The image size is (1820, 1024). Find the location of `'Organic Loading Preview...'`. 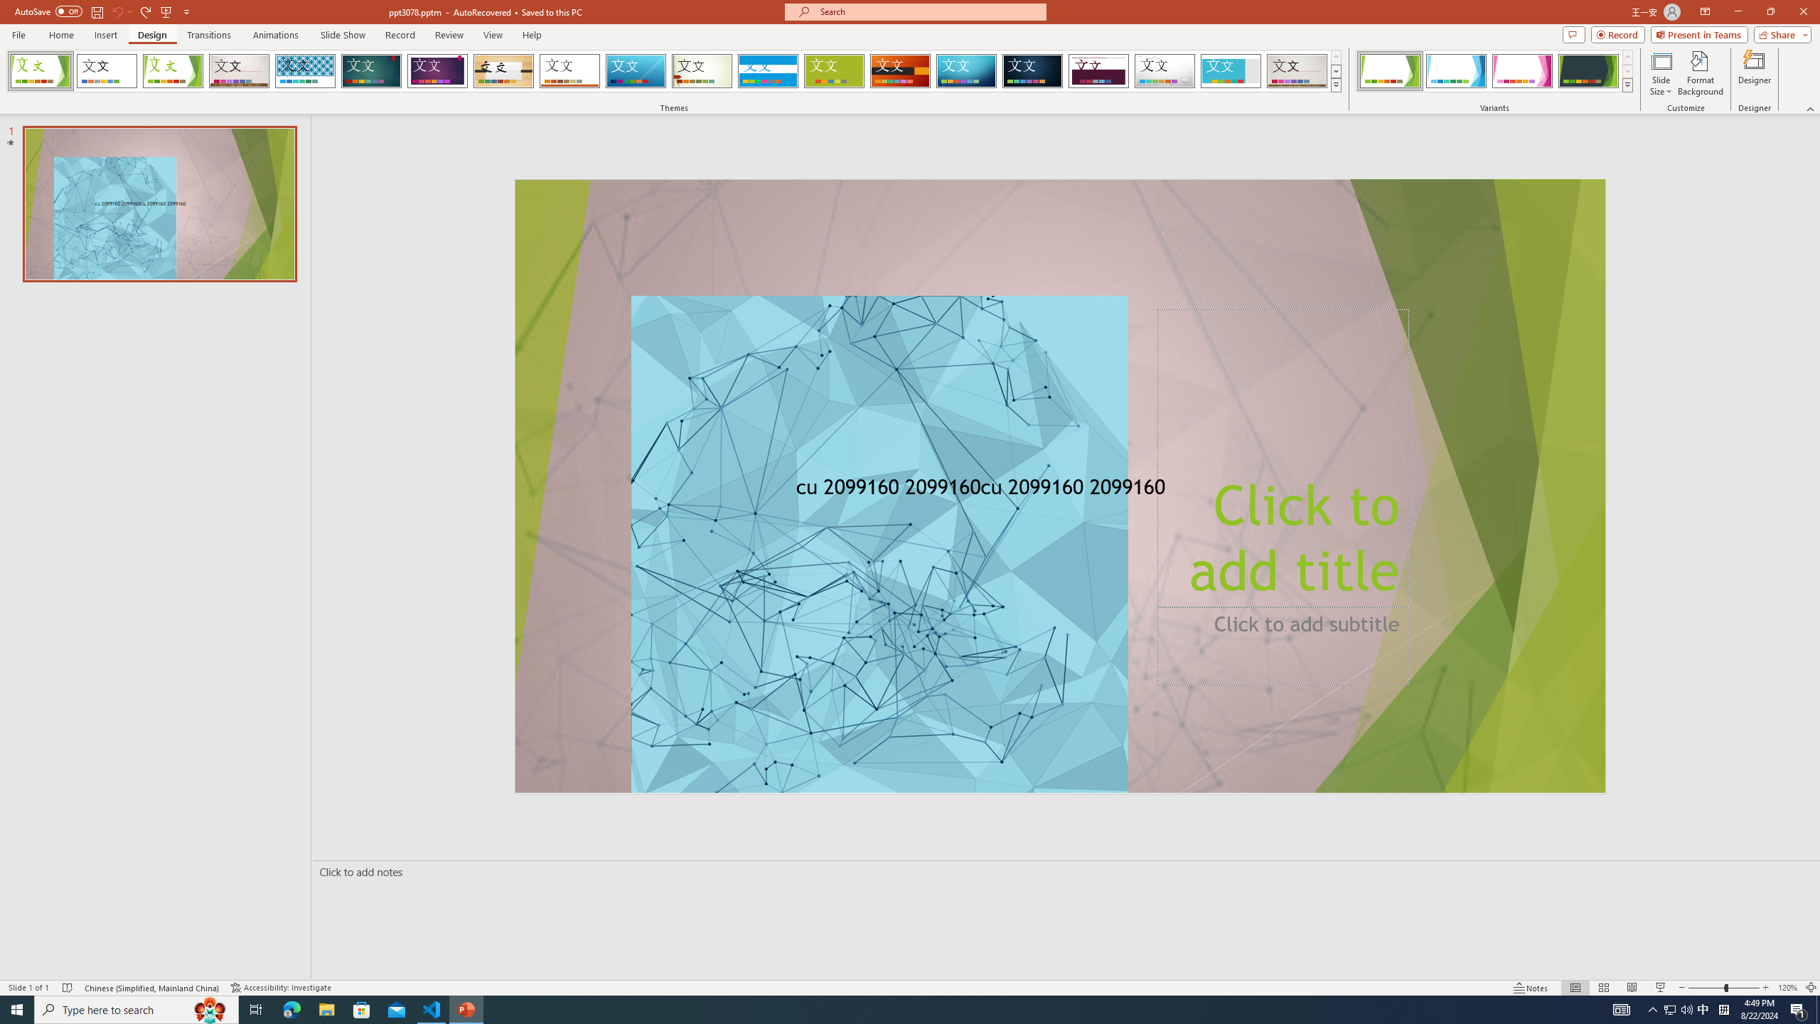

'Organic Loading Preview...' is located at coordinates (504, 70).